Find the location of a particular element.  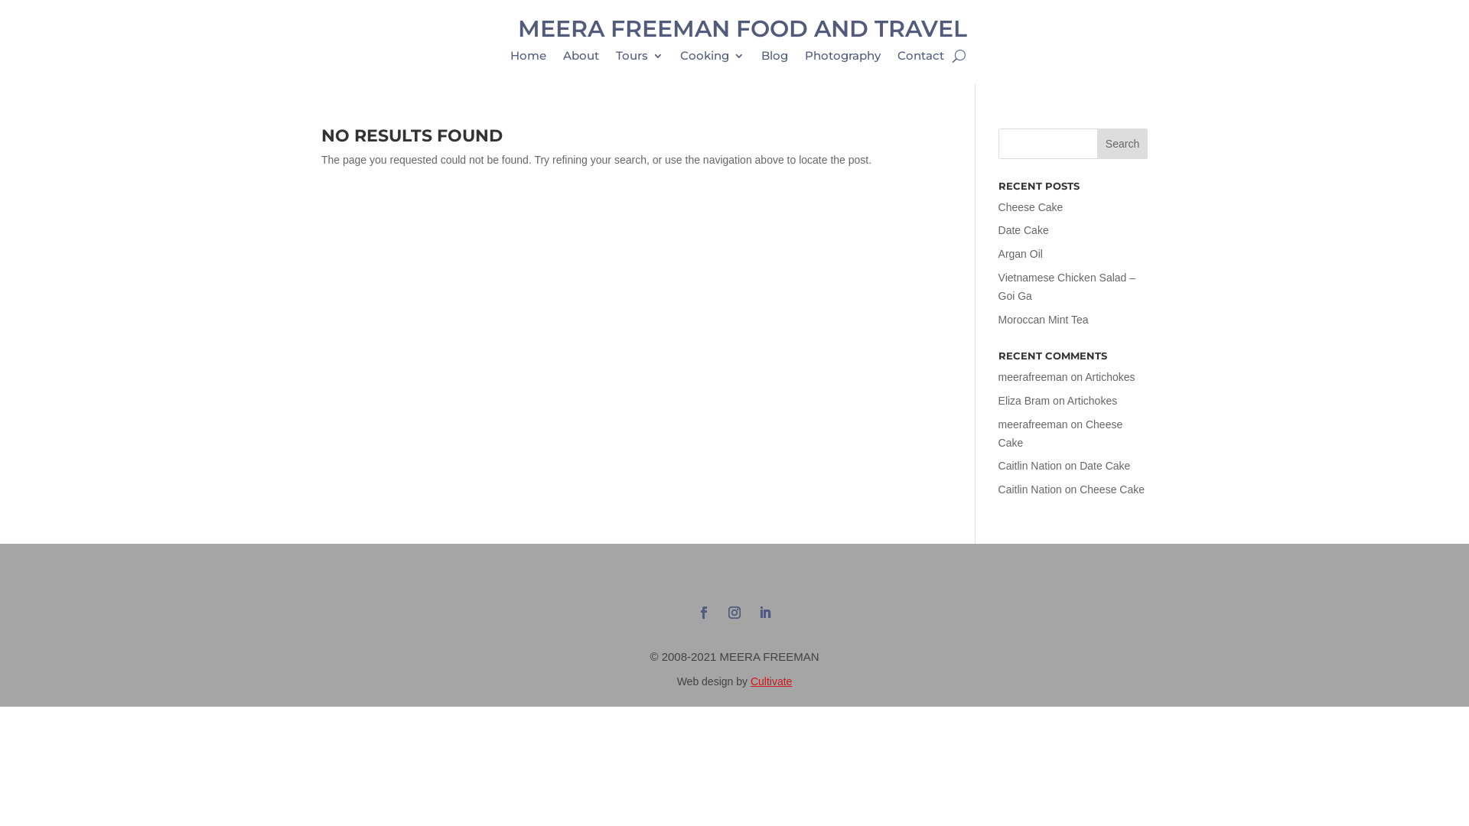

'Photography' is located at coordinates (842, 58).